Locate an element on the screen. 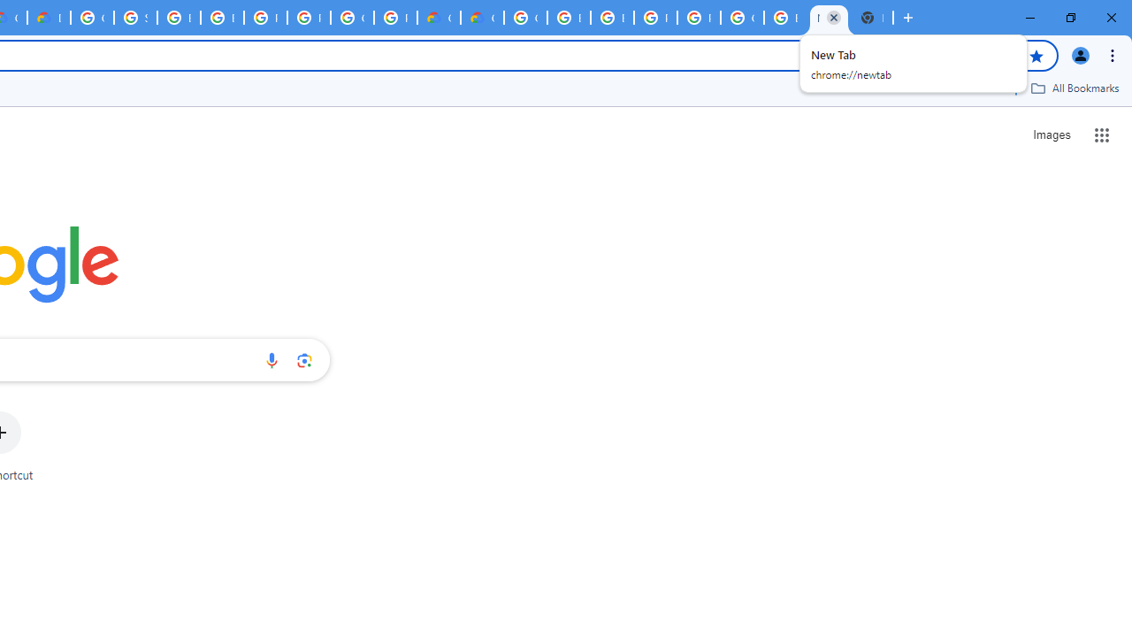 This screenshot has width=1132, height=637. 'Sign in - Google Accounts' is located at coordinates (134, 18).